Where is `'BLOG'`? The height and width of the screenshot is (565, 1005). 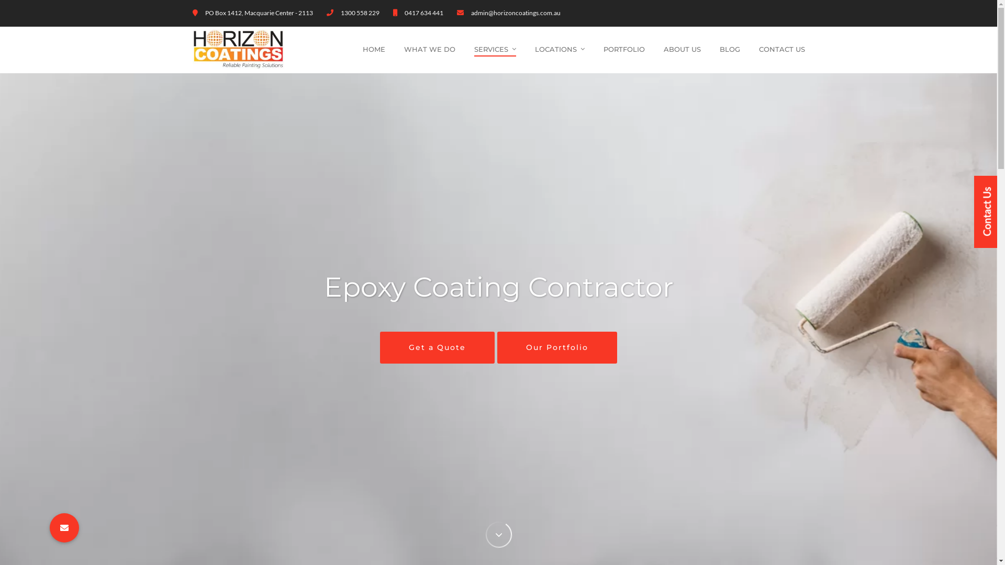
'BLOG' is located at coordinates (718, 49).